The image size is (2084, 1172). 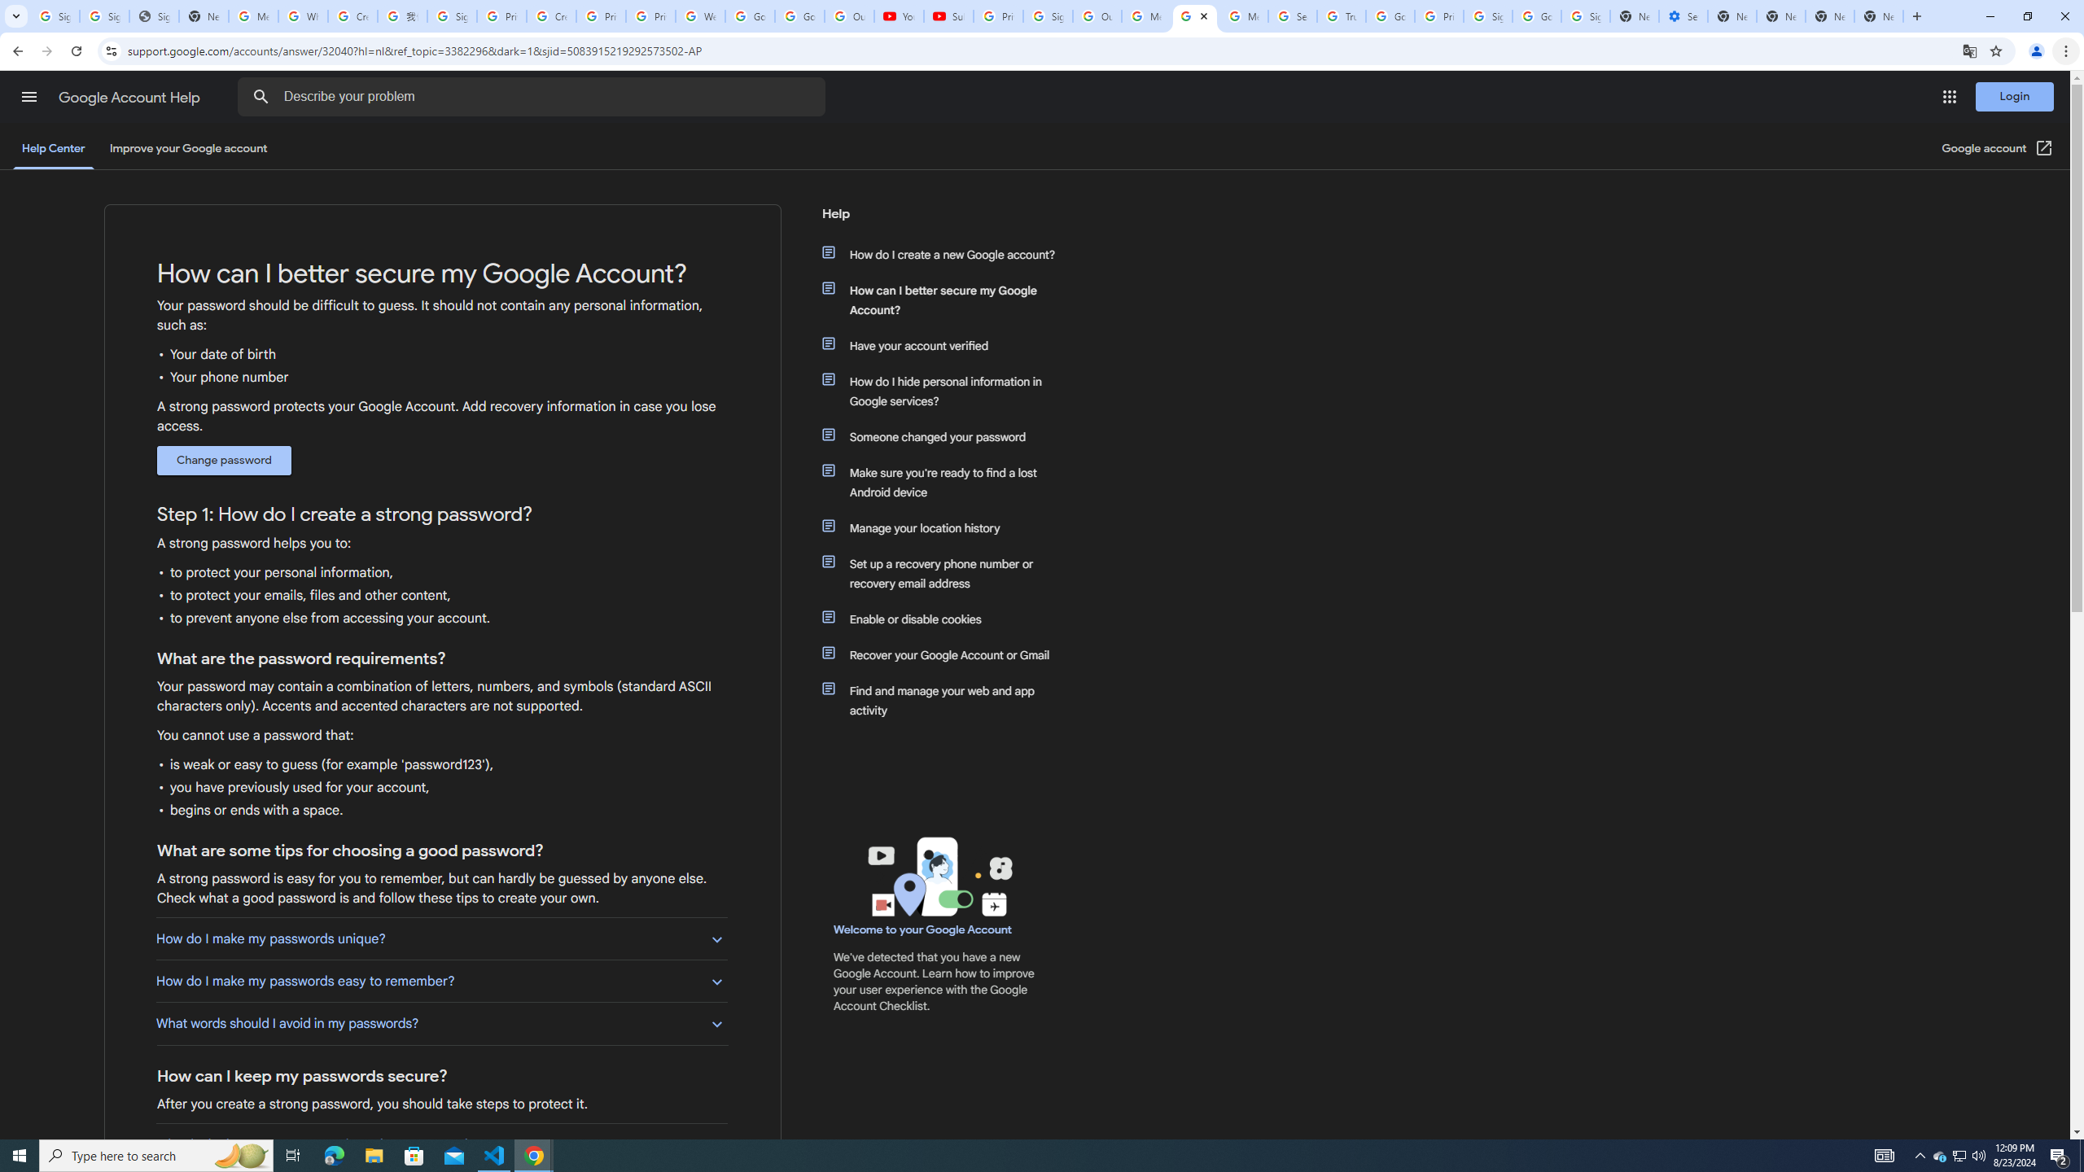 I want to click on 'Google Account (Opens in new window)', so click(x=1998, y=147).